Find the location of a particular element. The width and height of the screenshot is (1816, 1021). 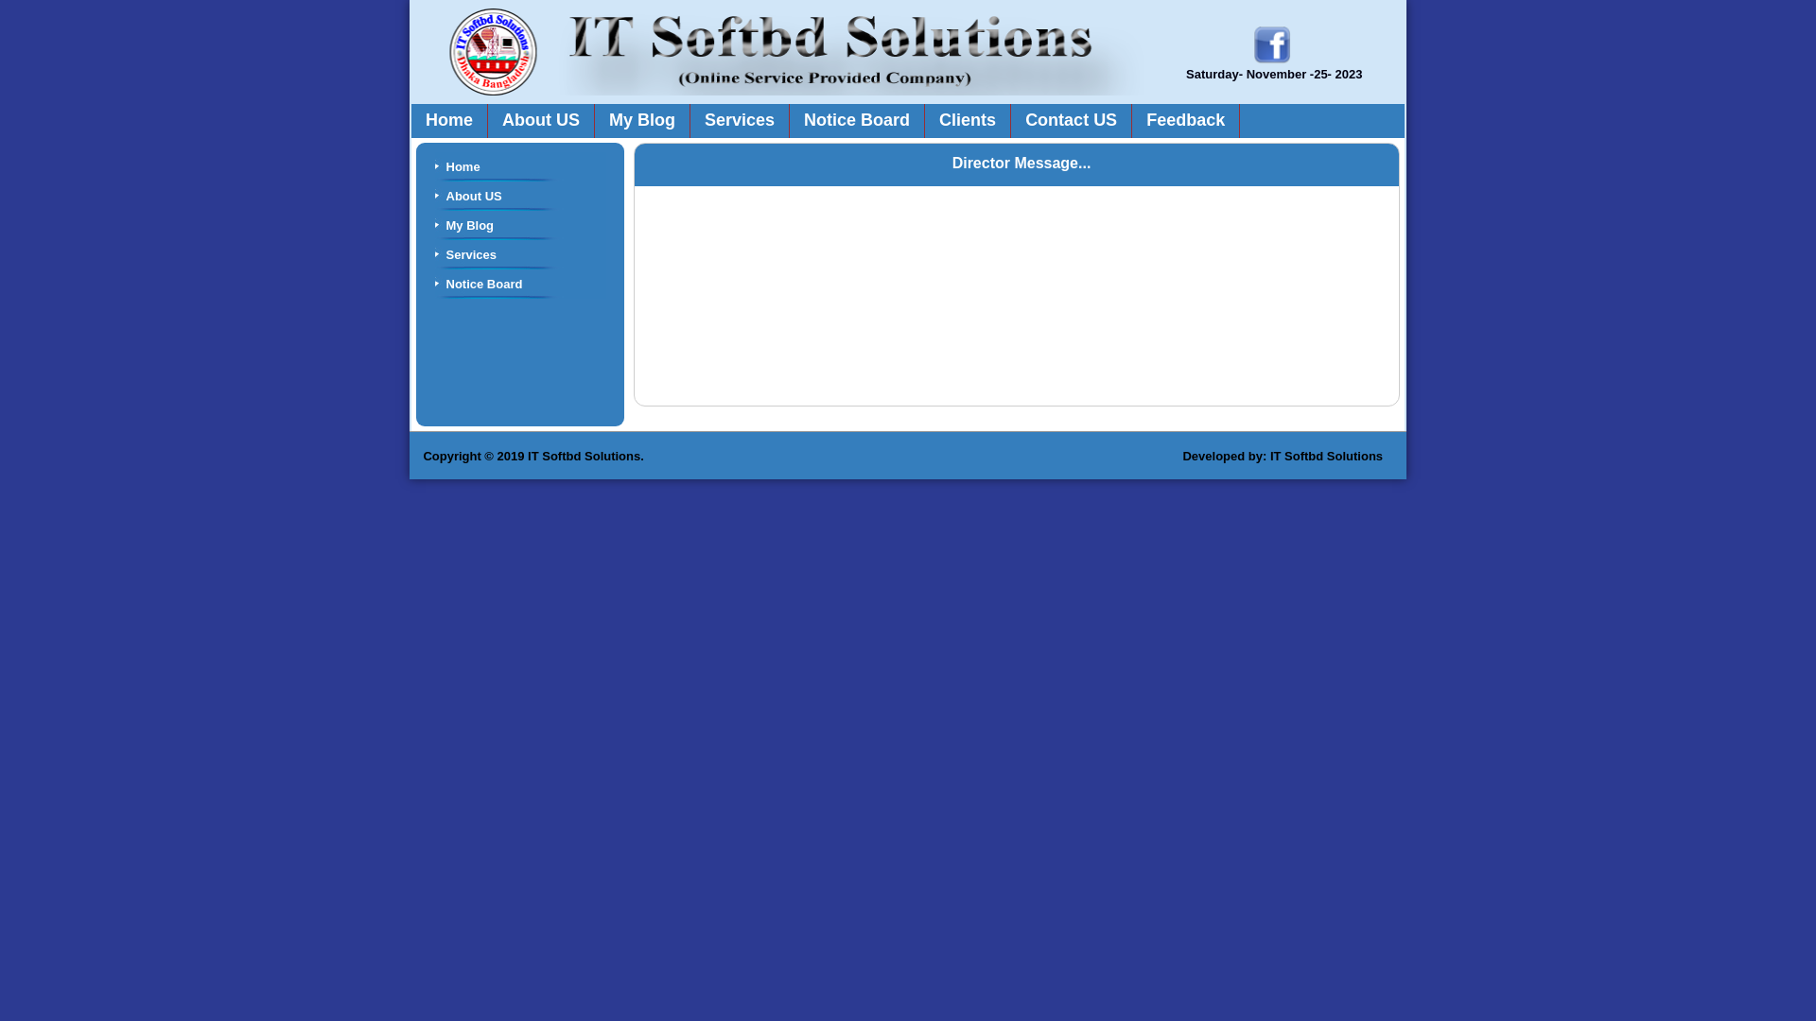

'Home' is located at coordinates (448, 120).